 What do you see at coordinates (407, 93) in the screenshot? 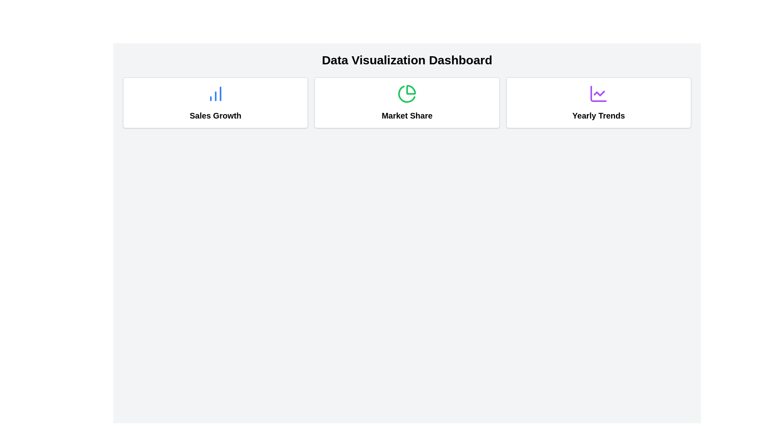
I see `the green pie chart icon located in the center panel labeled 'Market Share' under the 'Data Visualization Dashboard' title` at bounding box center [407, 93].